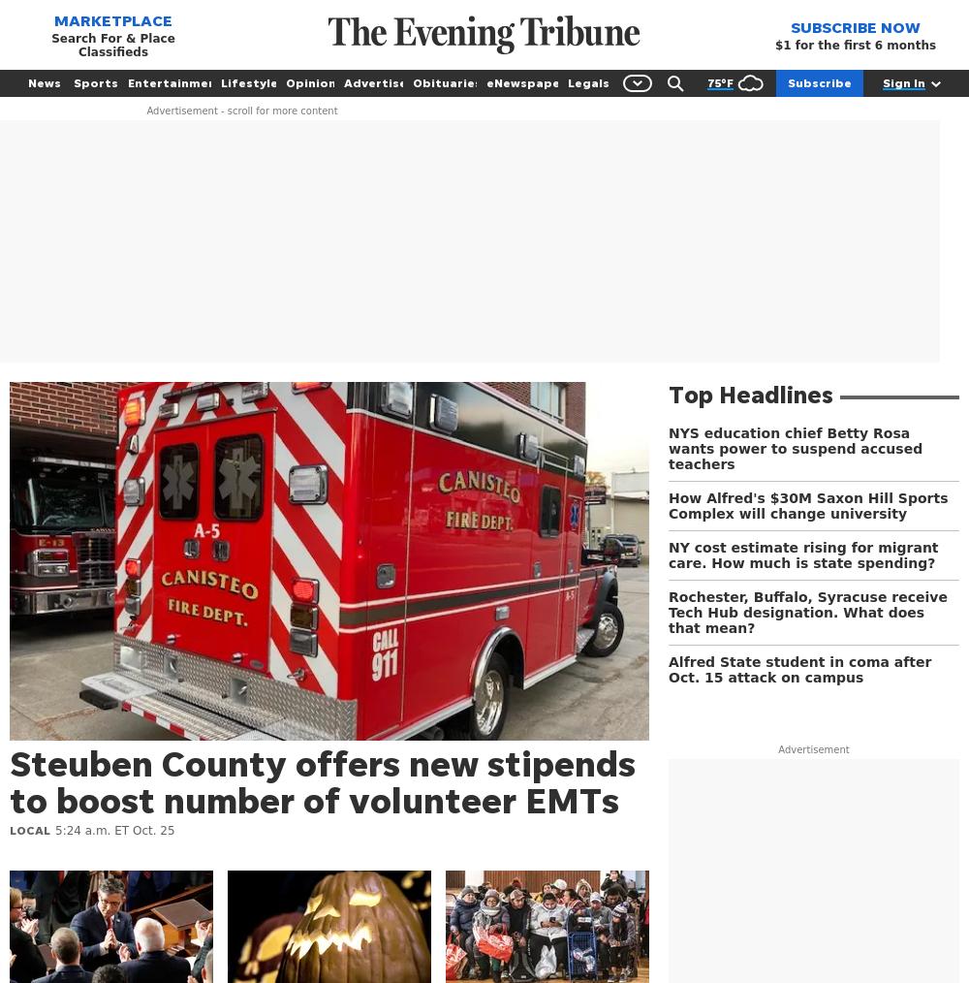 Image resolution: width=969 pixels, height=983 pixels. Describe the element at coordinates (343, 81) in the screenshot. I see `'Advertise'` at that location.